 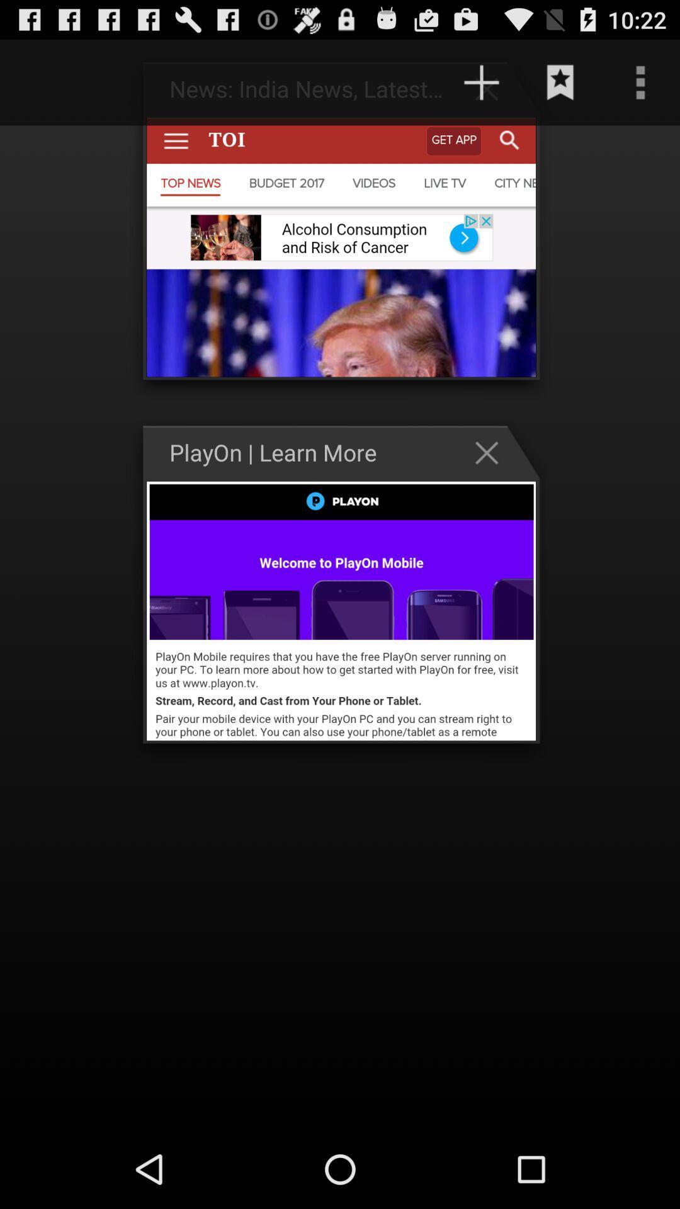 What do you see at coordinates (481, 88) in the screenshot?
I see `the add icon` at bounding box center [481, 88].